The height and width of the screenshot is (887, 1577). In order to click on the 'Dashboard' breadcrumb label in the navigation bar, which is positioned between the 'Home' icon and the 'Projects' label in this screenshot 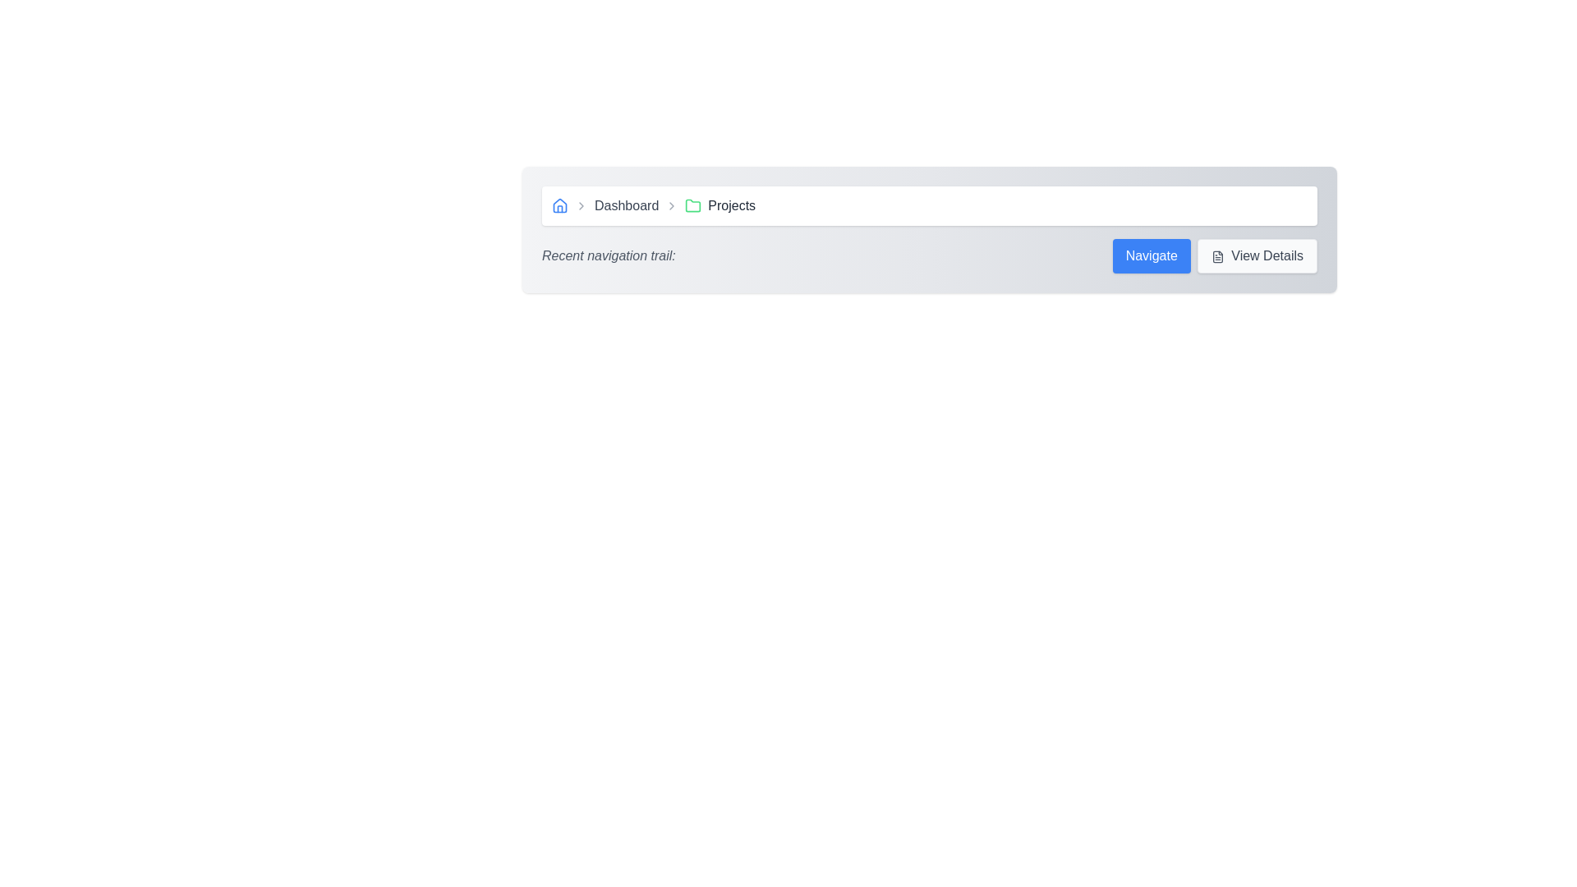, I will do `click(626, 205)`.